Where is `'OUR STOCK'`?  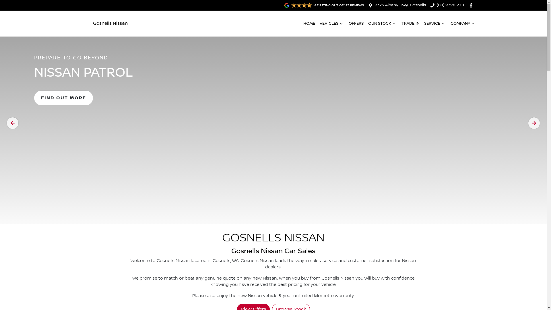 'OUR STOCK' is located at coordinates (382, 23).